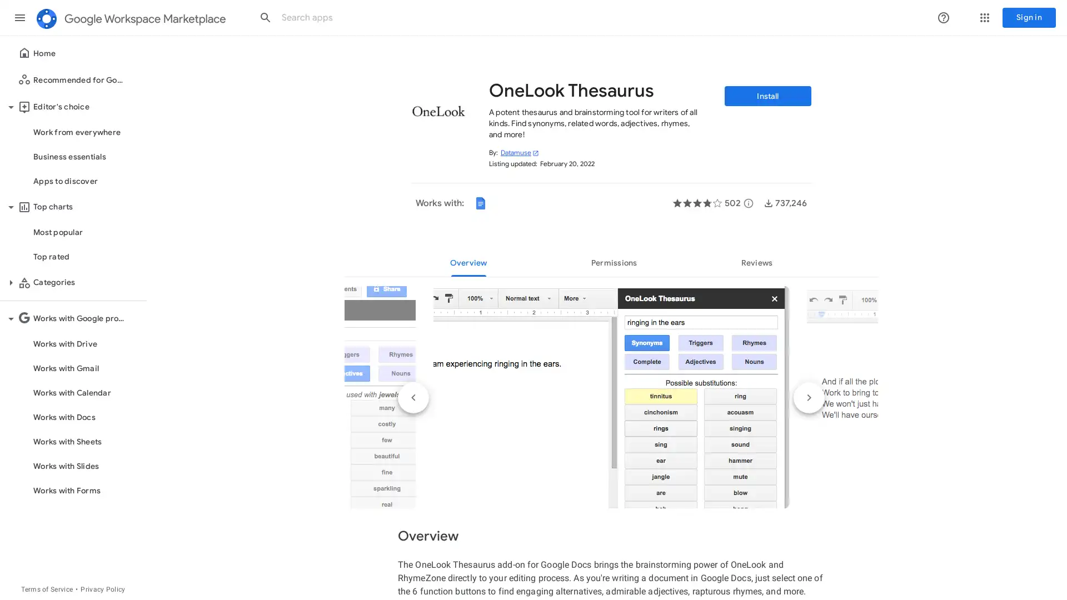  I want to click on Search, so click(265, 17).